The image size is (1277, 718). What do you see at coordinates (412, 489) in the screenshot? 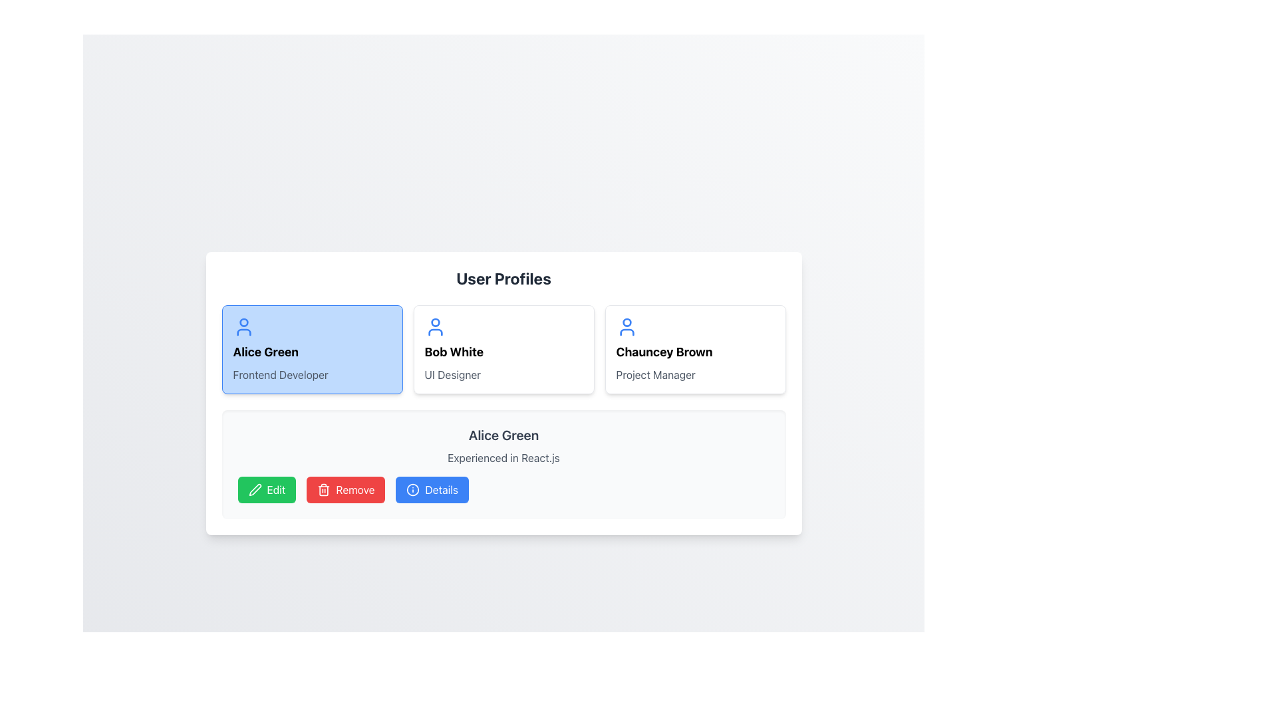
I see `the small circular informational icon with a blue outline and white interior containing an 'i' symbol, located to the left of the text label on the blue 'Details' button at the bottom-right of Alice Green's user profile card` at bounding box center [412, 489].